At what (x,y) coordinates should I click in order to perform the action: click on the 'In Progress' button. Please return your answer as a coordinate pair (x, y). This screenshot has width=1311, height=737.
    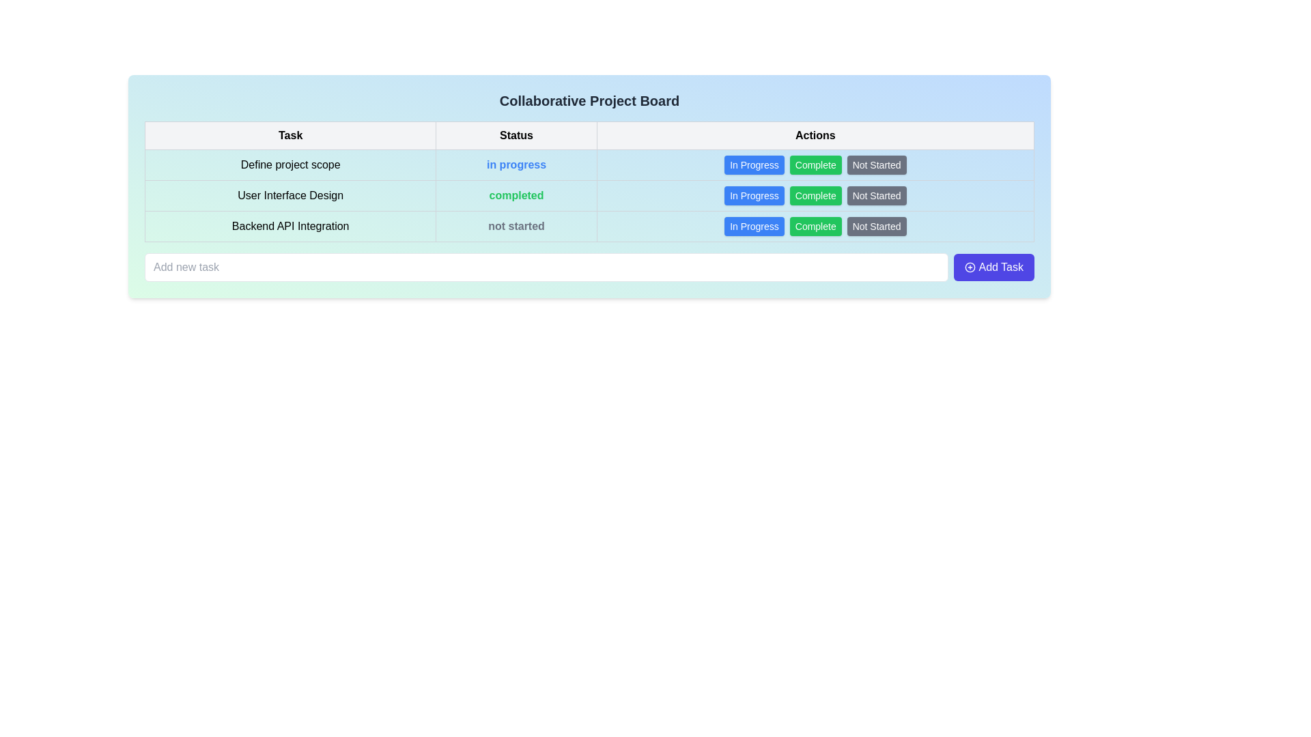
    Looking at the image, I should click on (753, 225).